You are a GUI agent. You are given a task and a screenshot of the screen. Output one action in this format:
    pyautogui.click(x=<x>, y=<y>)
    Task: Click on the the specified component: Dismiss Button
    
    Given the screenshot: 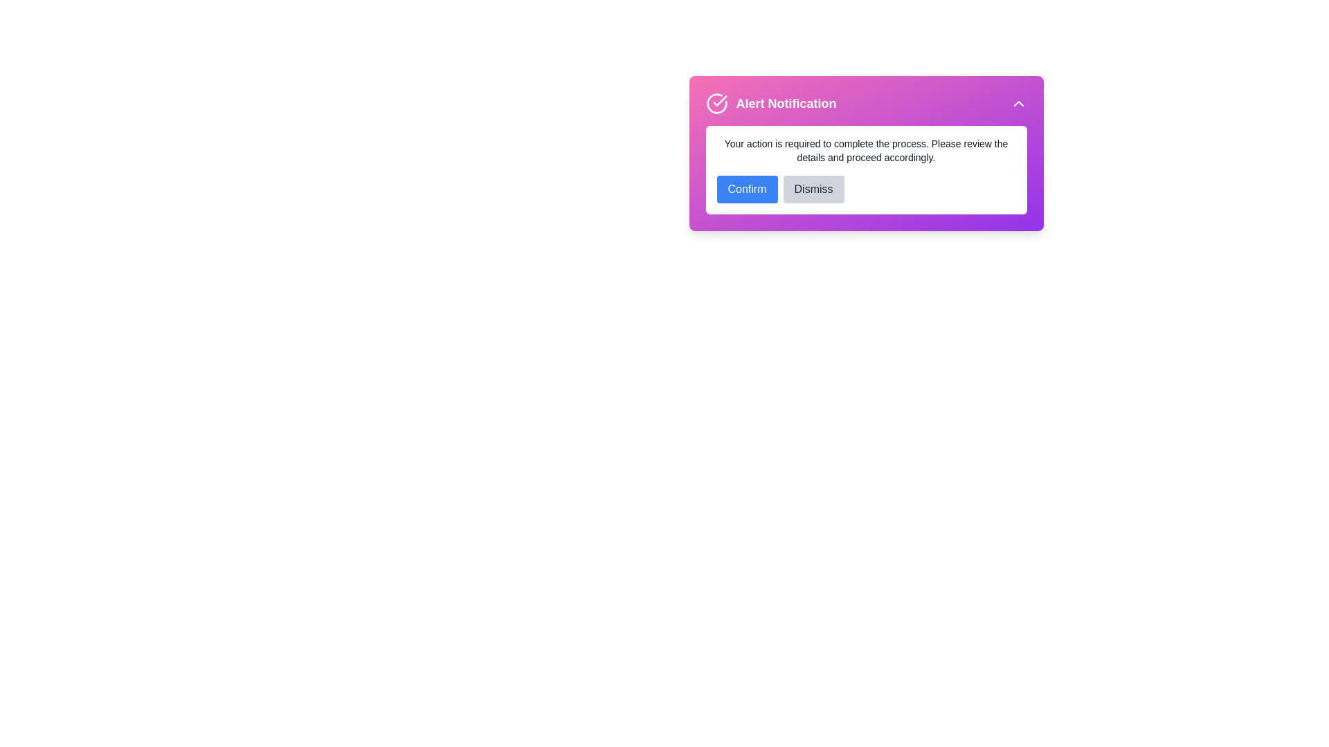 What is the action you would take?
    pyautogui.click(x=813, y=189)
    